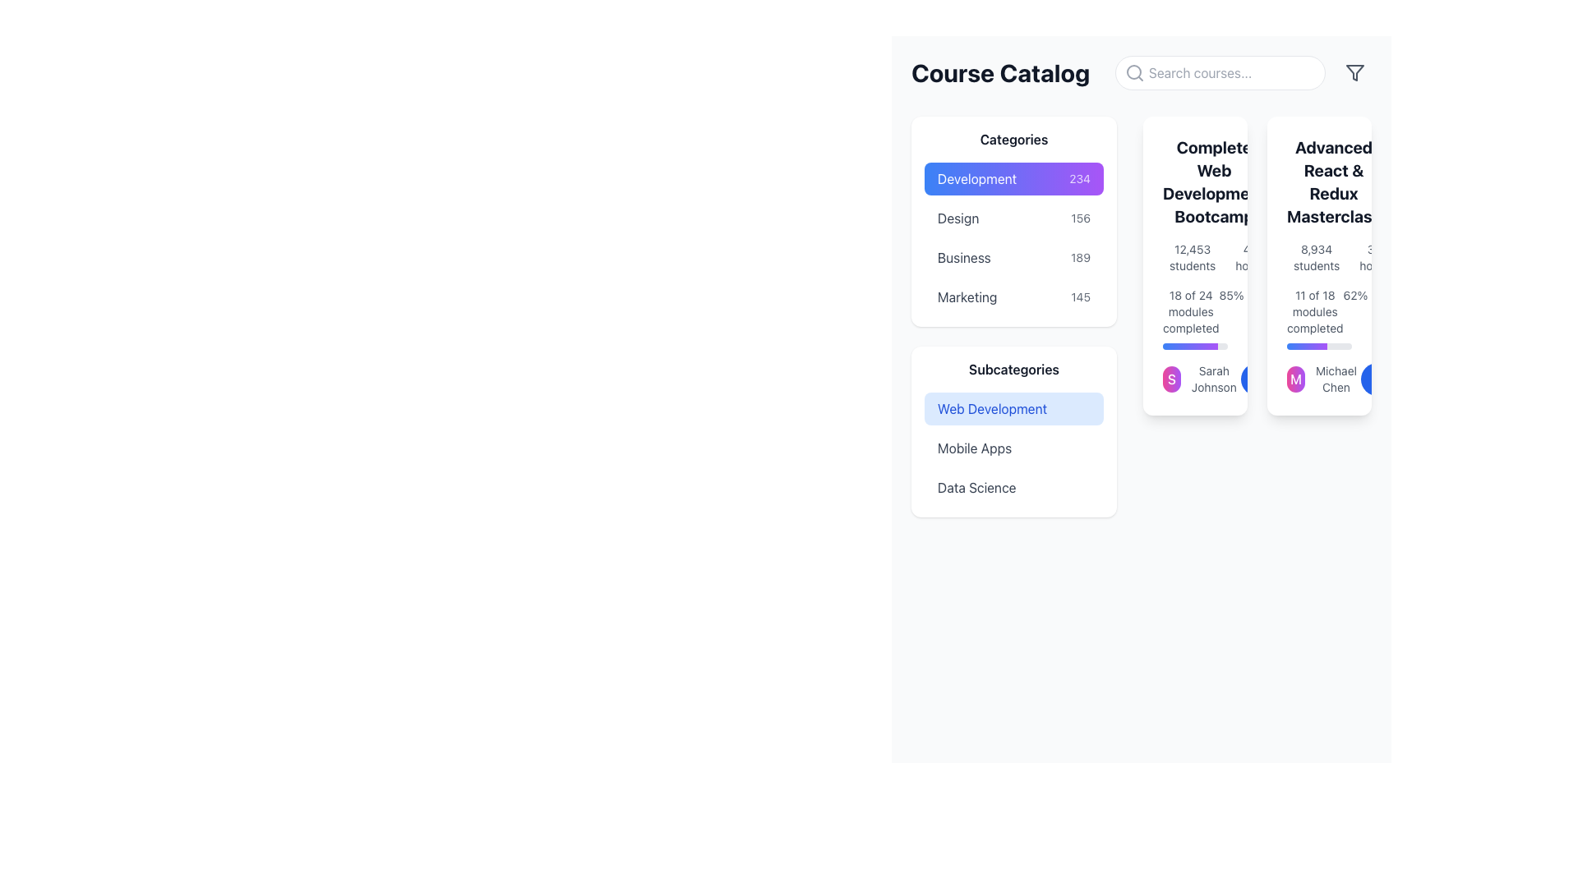  Describe the element at coordinates (1317, 257) in the screenshot. I see `the Text label displaying the number of students enrolled in the 'Advanced React & Redux Masterclass' course` at that location.